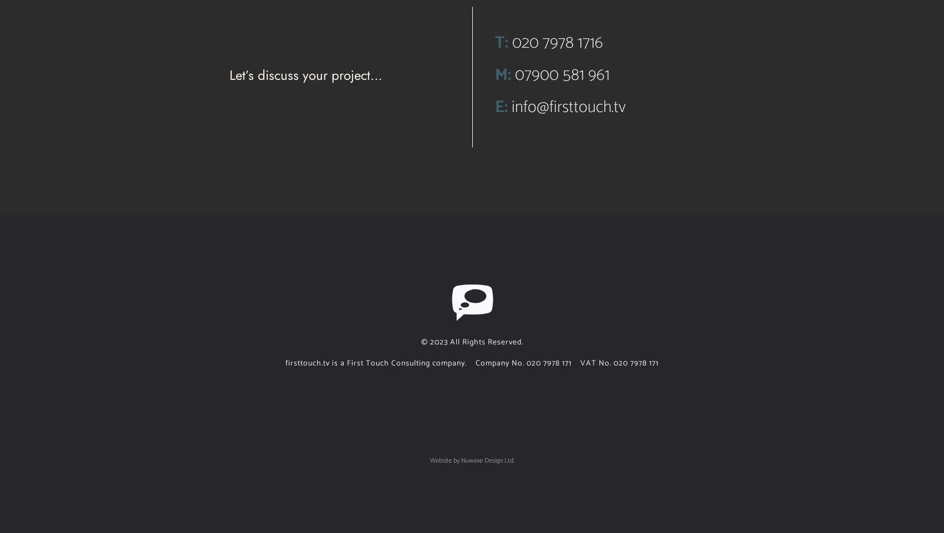 Image resolution: width=944 pixels, height=533 pixels. Describe the element at coordinates (472, 363) in the screenshot. I see `'firsttouch.tv is a First Touch Consulting company.    Company No. 020 7978 171    VAT No. 020 7978 171'` at that location.